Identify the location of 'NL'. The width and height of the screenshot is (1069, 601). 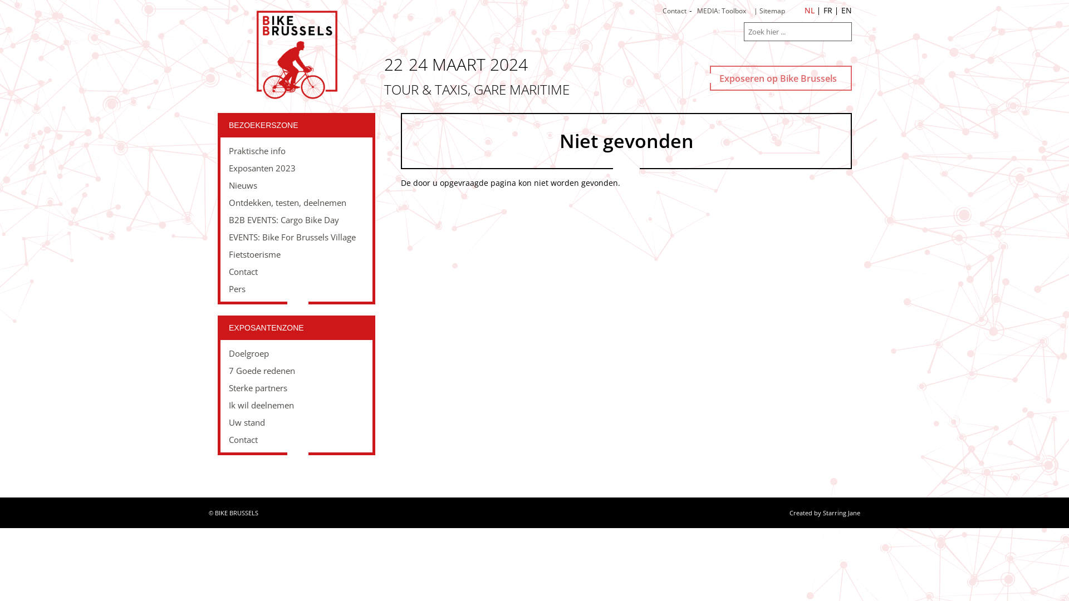
(810, 11).